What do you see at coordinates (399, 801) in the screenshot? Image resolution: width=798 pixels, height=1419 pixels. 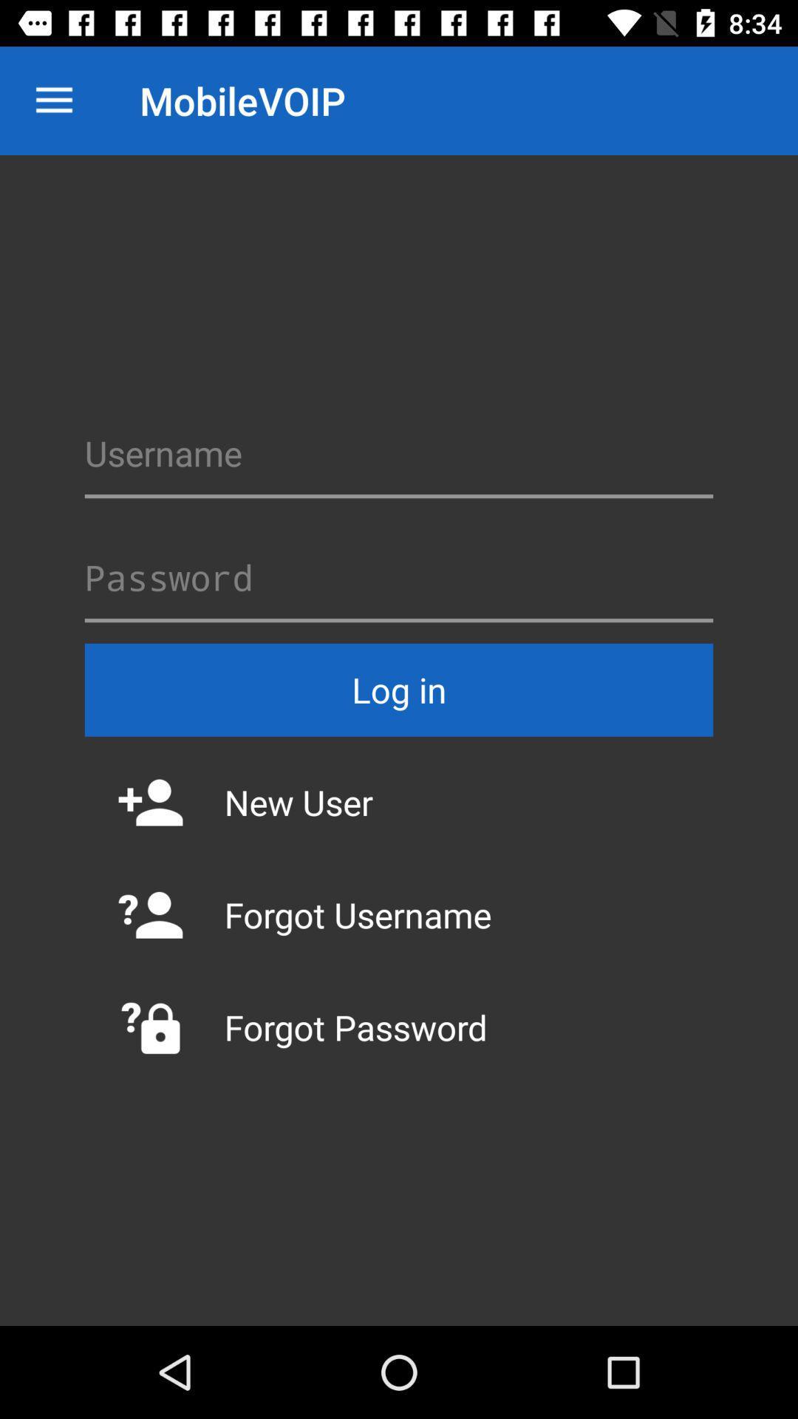 I see `icon above forgot username icon` at bounding box center [399, 801].